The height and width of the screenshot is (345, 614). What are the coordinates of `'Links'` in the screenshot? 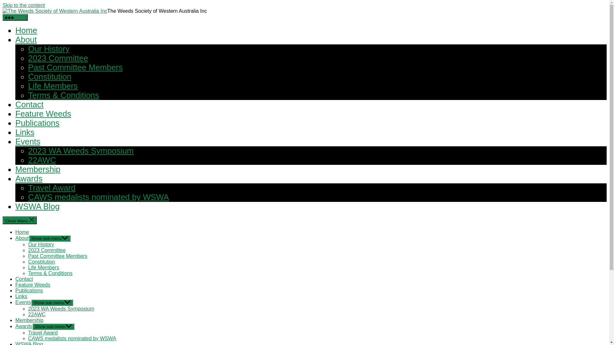 It's located at (21, 296).